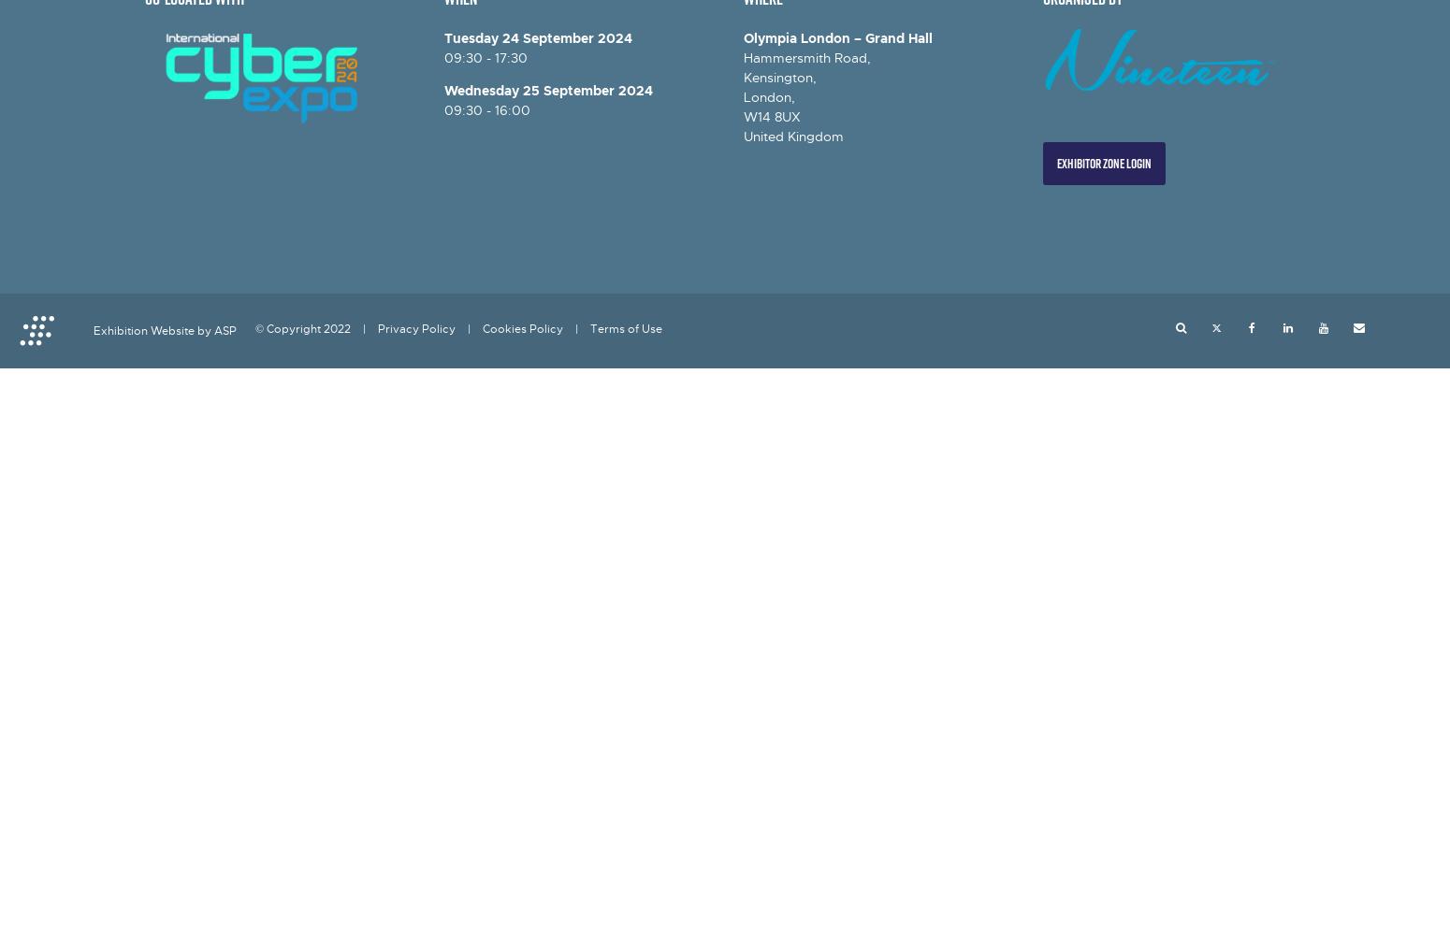 This screenshot has height=935, width=1450. What do you see at coordinates (1362, 327) in the screenshot?
I see `'YouTube'` at bounding box center [1362, 327].